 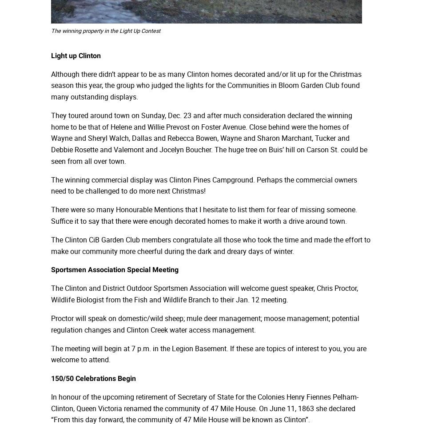 I want to click on '150/50 Celebrations Begin', so click(x=93, y=378).